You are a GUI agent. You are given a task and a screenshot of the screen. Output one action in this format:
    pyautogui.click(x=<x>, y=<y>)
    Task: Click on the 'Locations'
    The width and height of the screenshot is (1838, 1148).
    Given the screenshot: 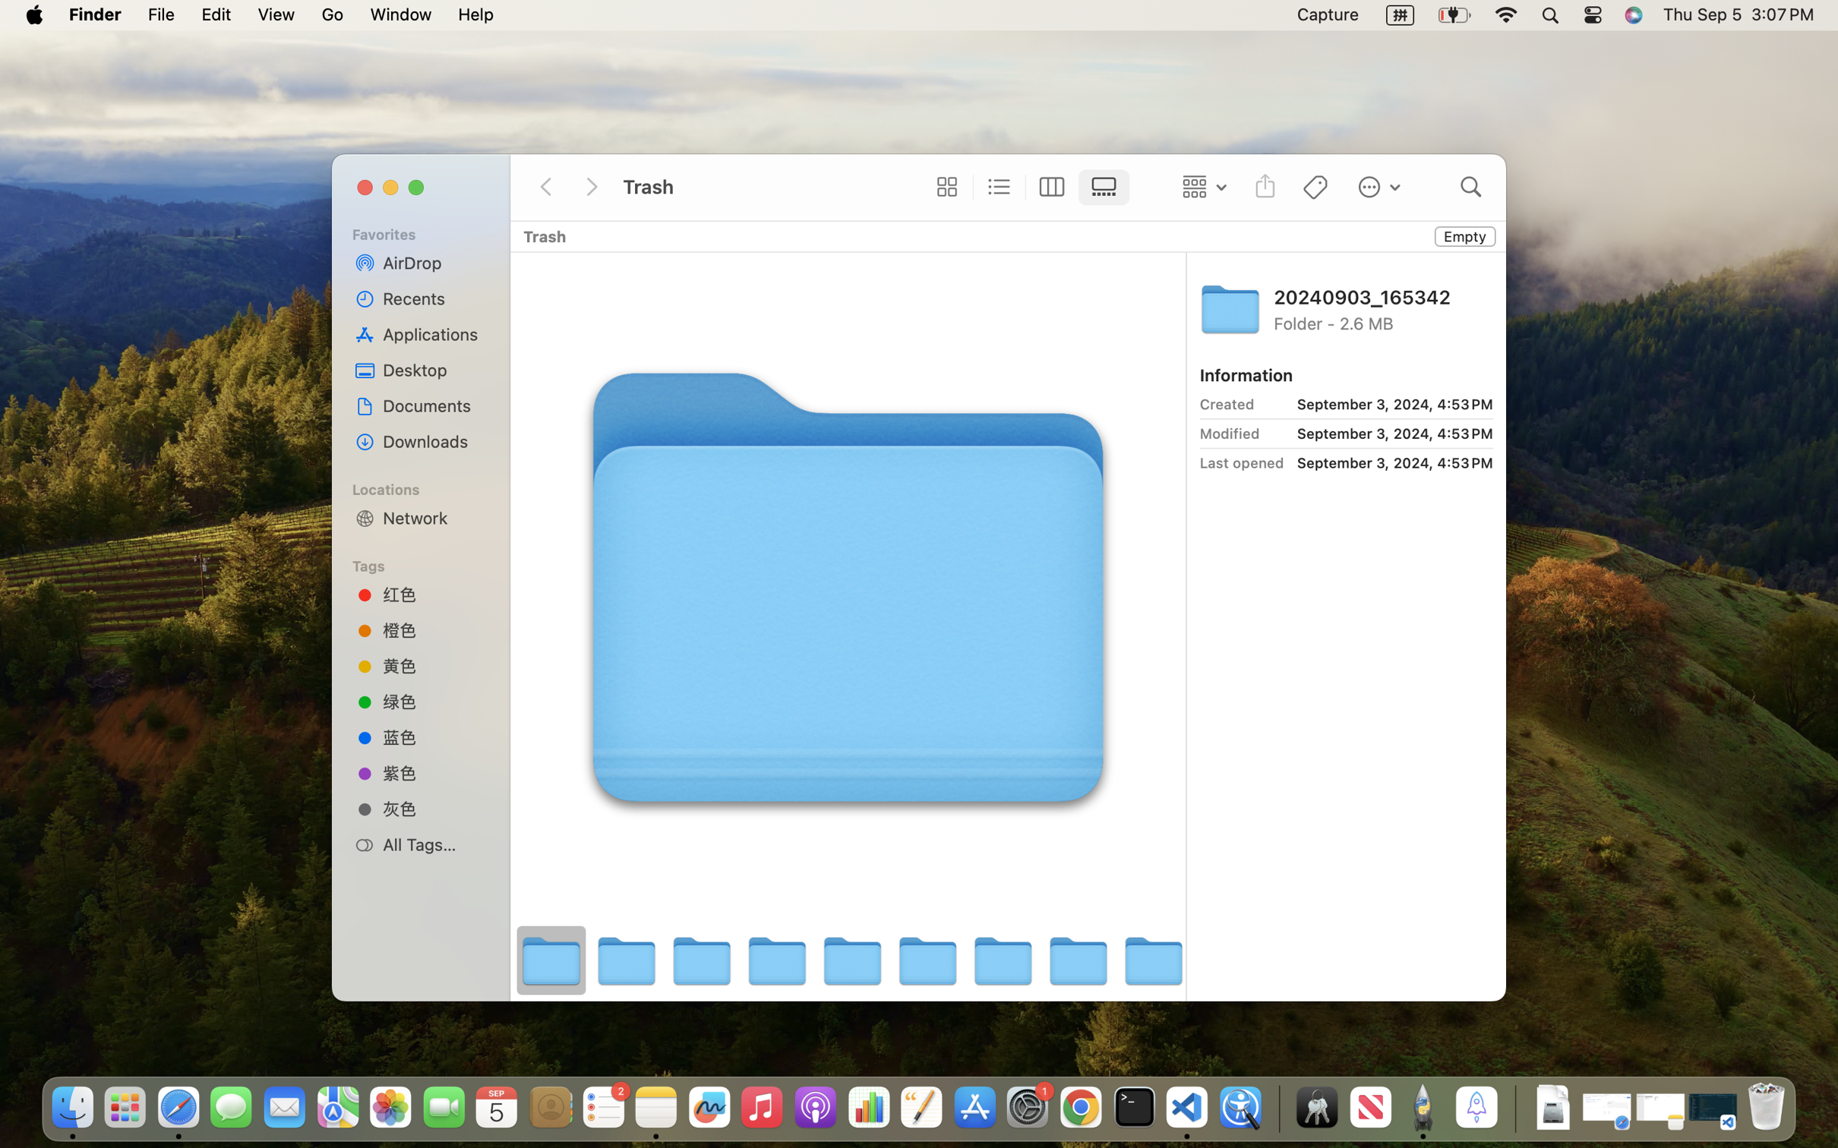 What is the action you would take?
    pyautogui.click(x=428, y=487)
    